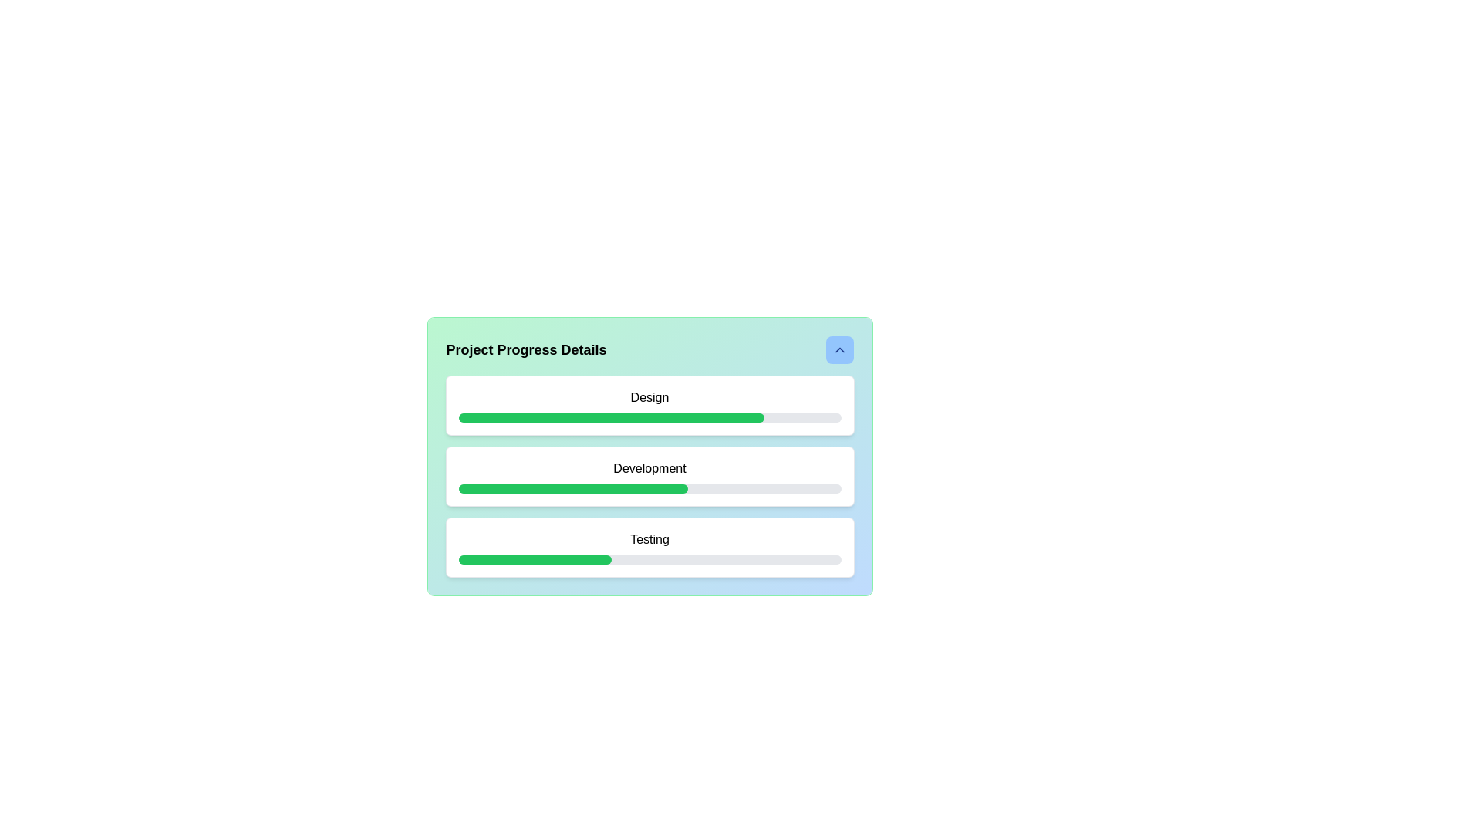 Image resolution: width=1481 pixels, height=833 pixels. I want to click on the rounded blue button with an upward-pointing chevron arrow, so click(838, 350).